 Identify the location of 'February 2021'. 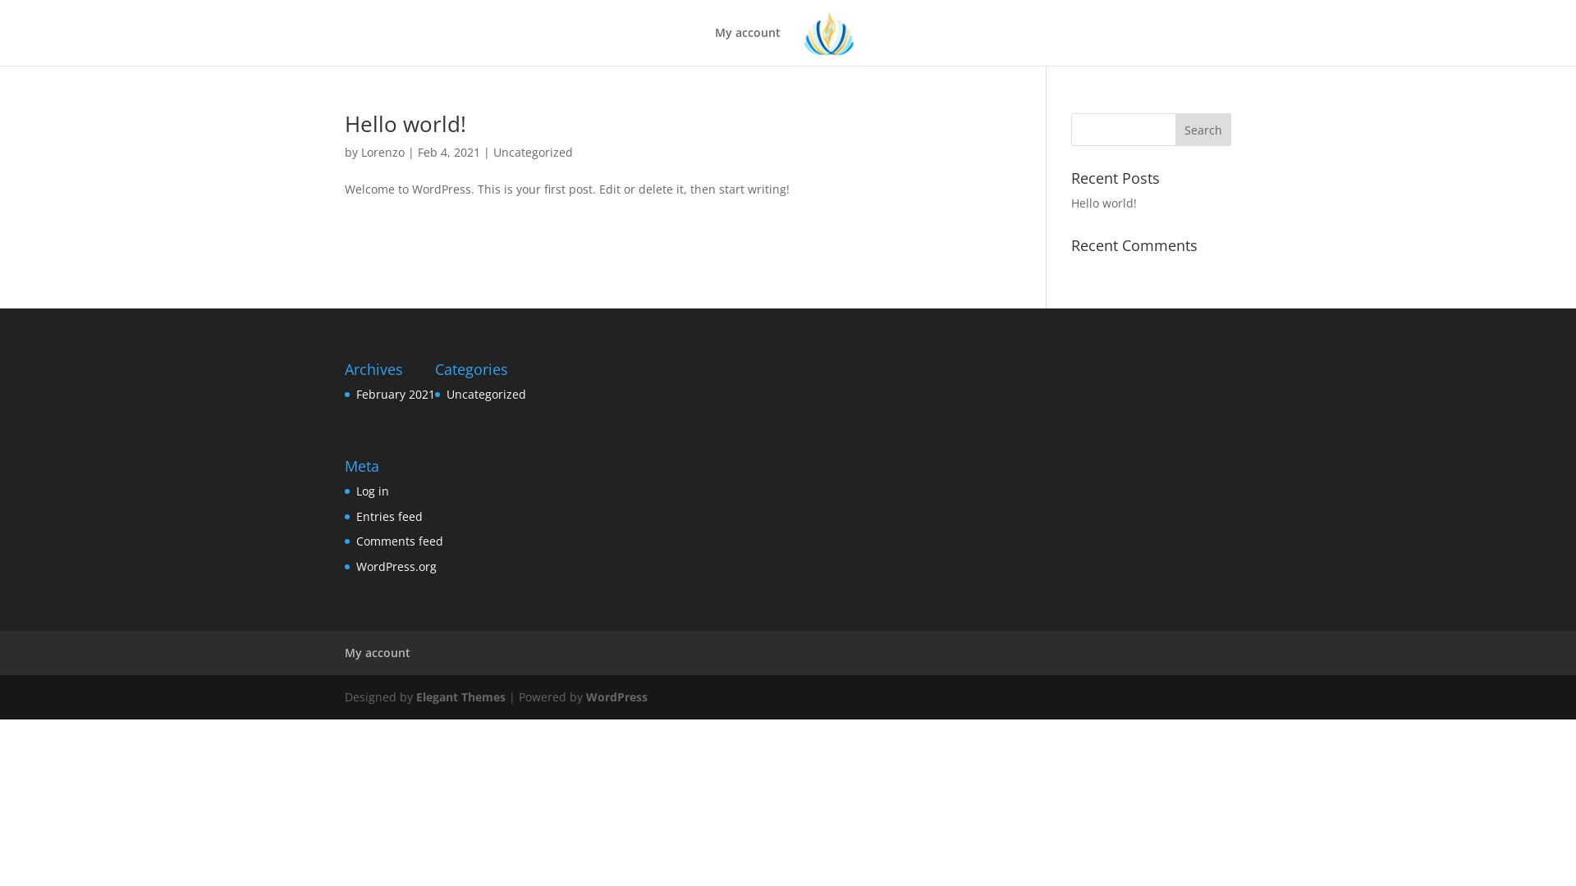
(395, 394).